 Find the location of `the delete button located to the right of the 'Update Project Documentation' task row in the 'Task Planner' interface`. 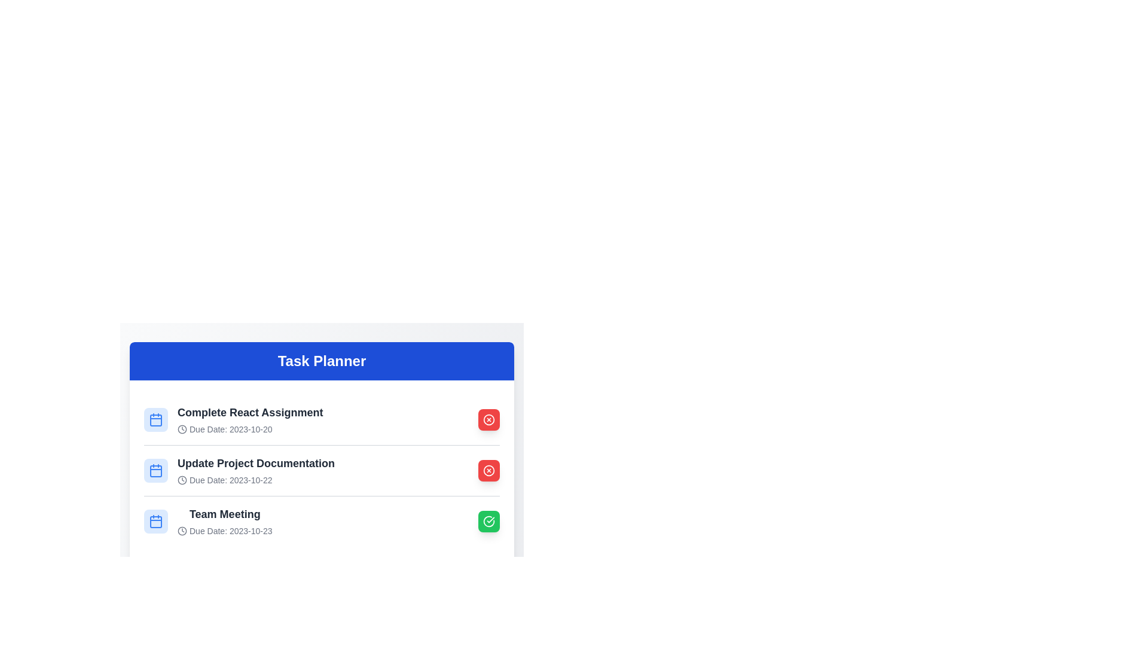

the delete button located to the right of the 'Update Project Documentation' task row in the 'Task Planner' interface is located at coordinates (488, 470).